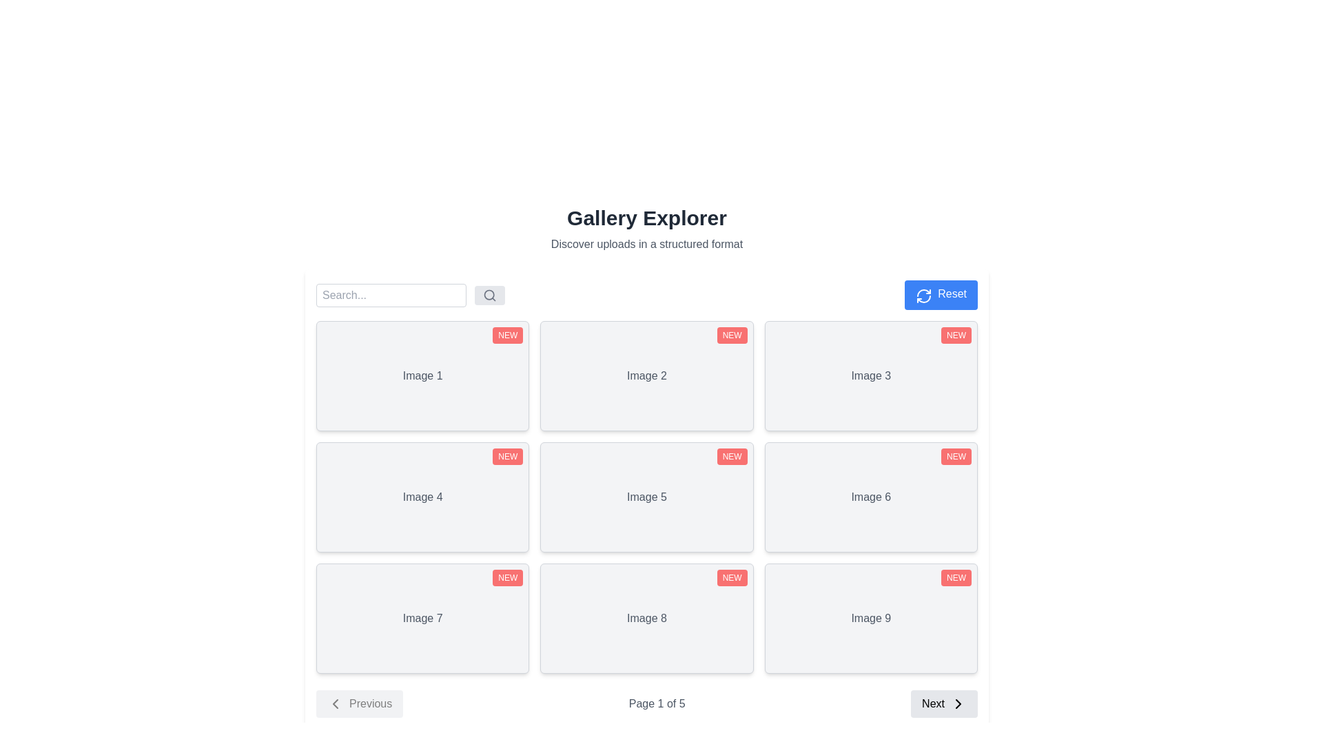 Image resolution: width=1323 pixels, height=744 pixels. I want to click on the card in the first row and third column of the grid that features a 'NEW' badge, indicating its recent addition, so click(870, 376).